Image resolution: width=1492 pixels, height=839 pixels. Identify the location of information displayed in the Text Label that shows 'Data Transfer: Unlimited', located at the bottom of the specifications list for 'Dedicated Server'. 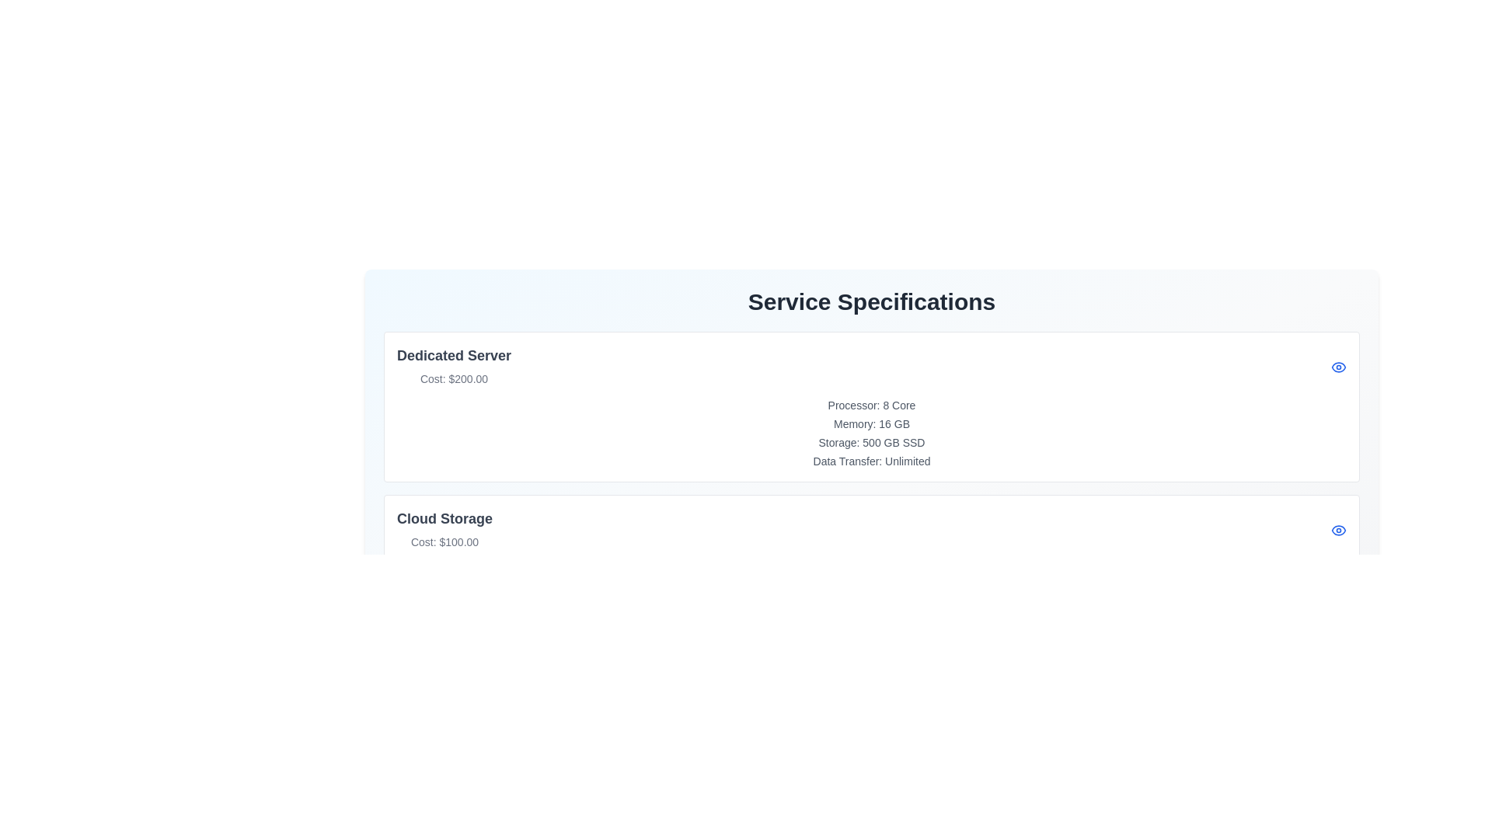
(872, 461).